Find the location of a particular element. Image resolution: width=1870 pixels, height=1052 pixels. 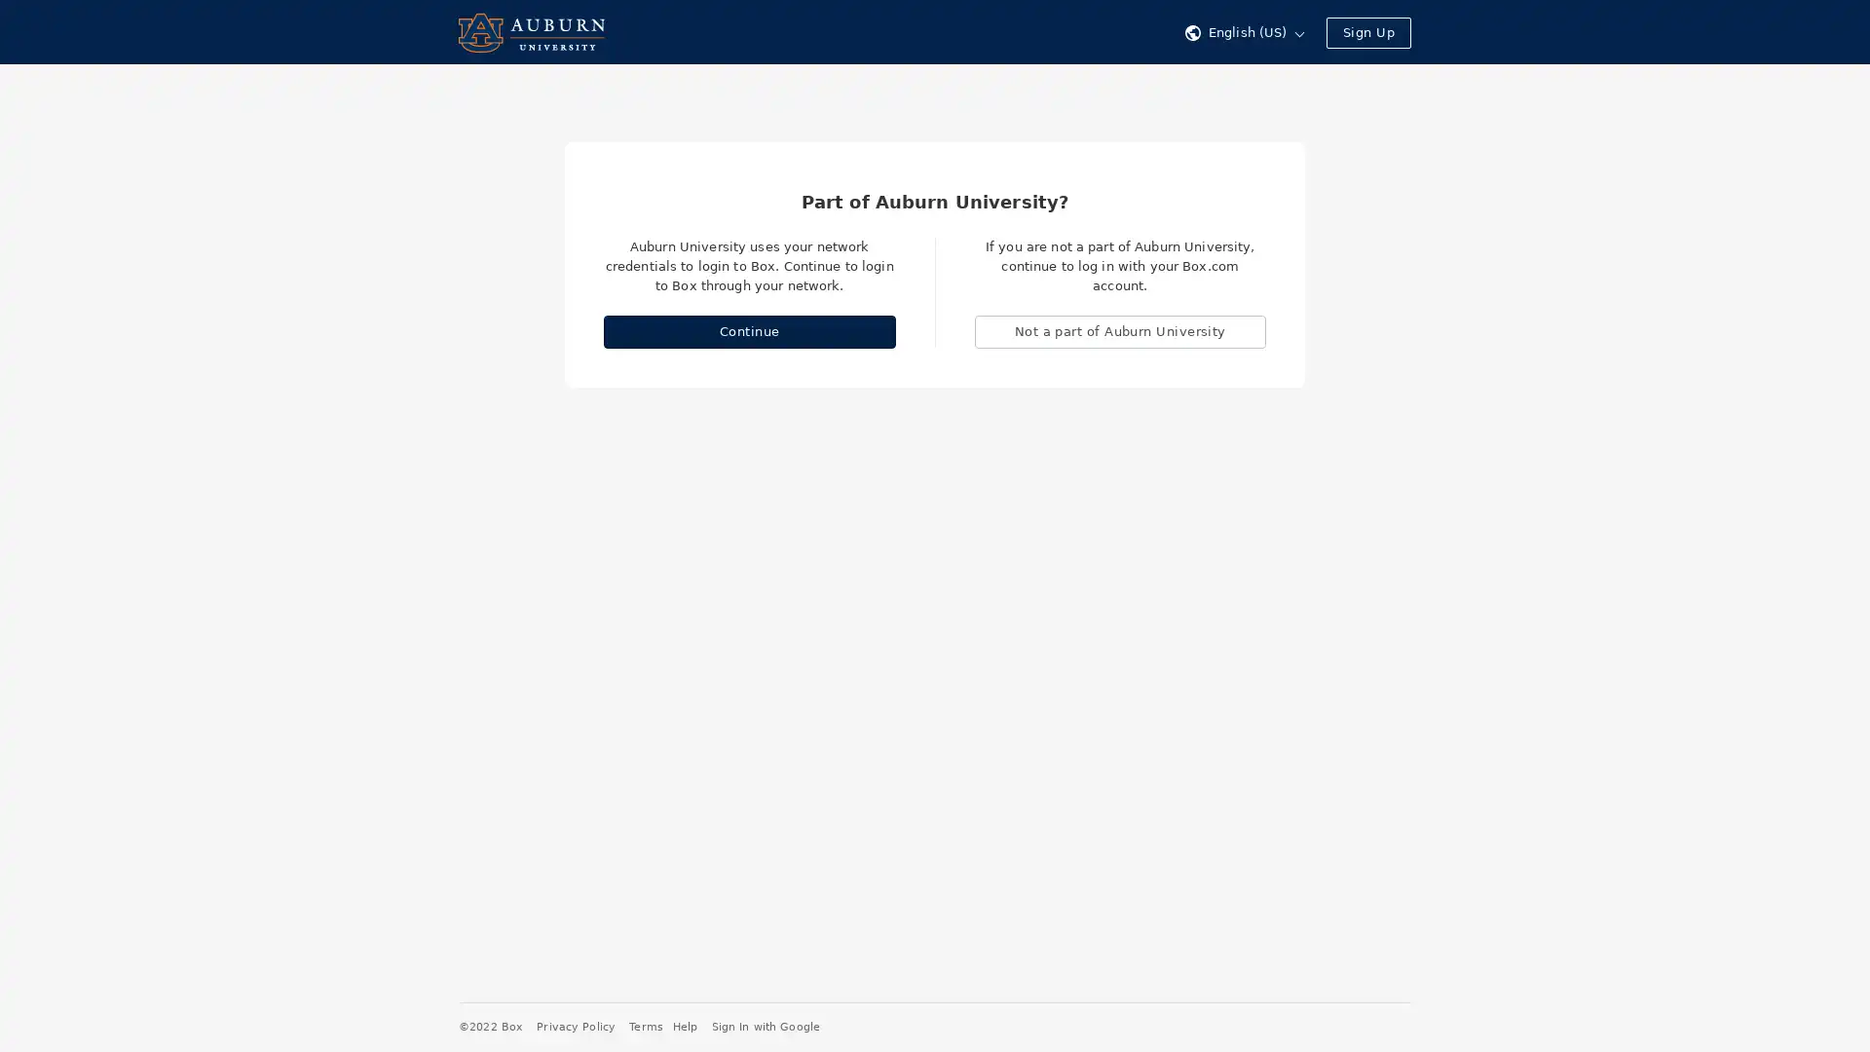

Continue is located at coordinates (748, 330).